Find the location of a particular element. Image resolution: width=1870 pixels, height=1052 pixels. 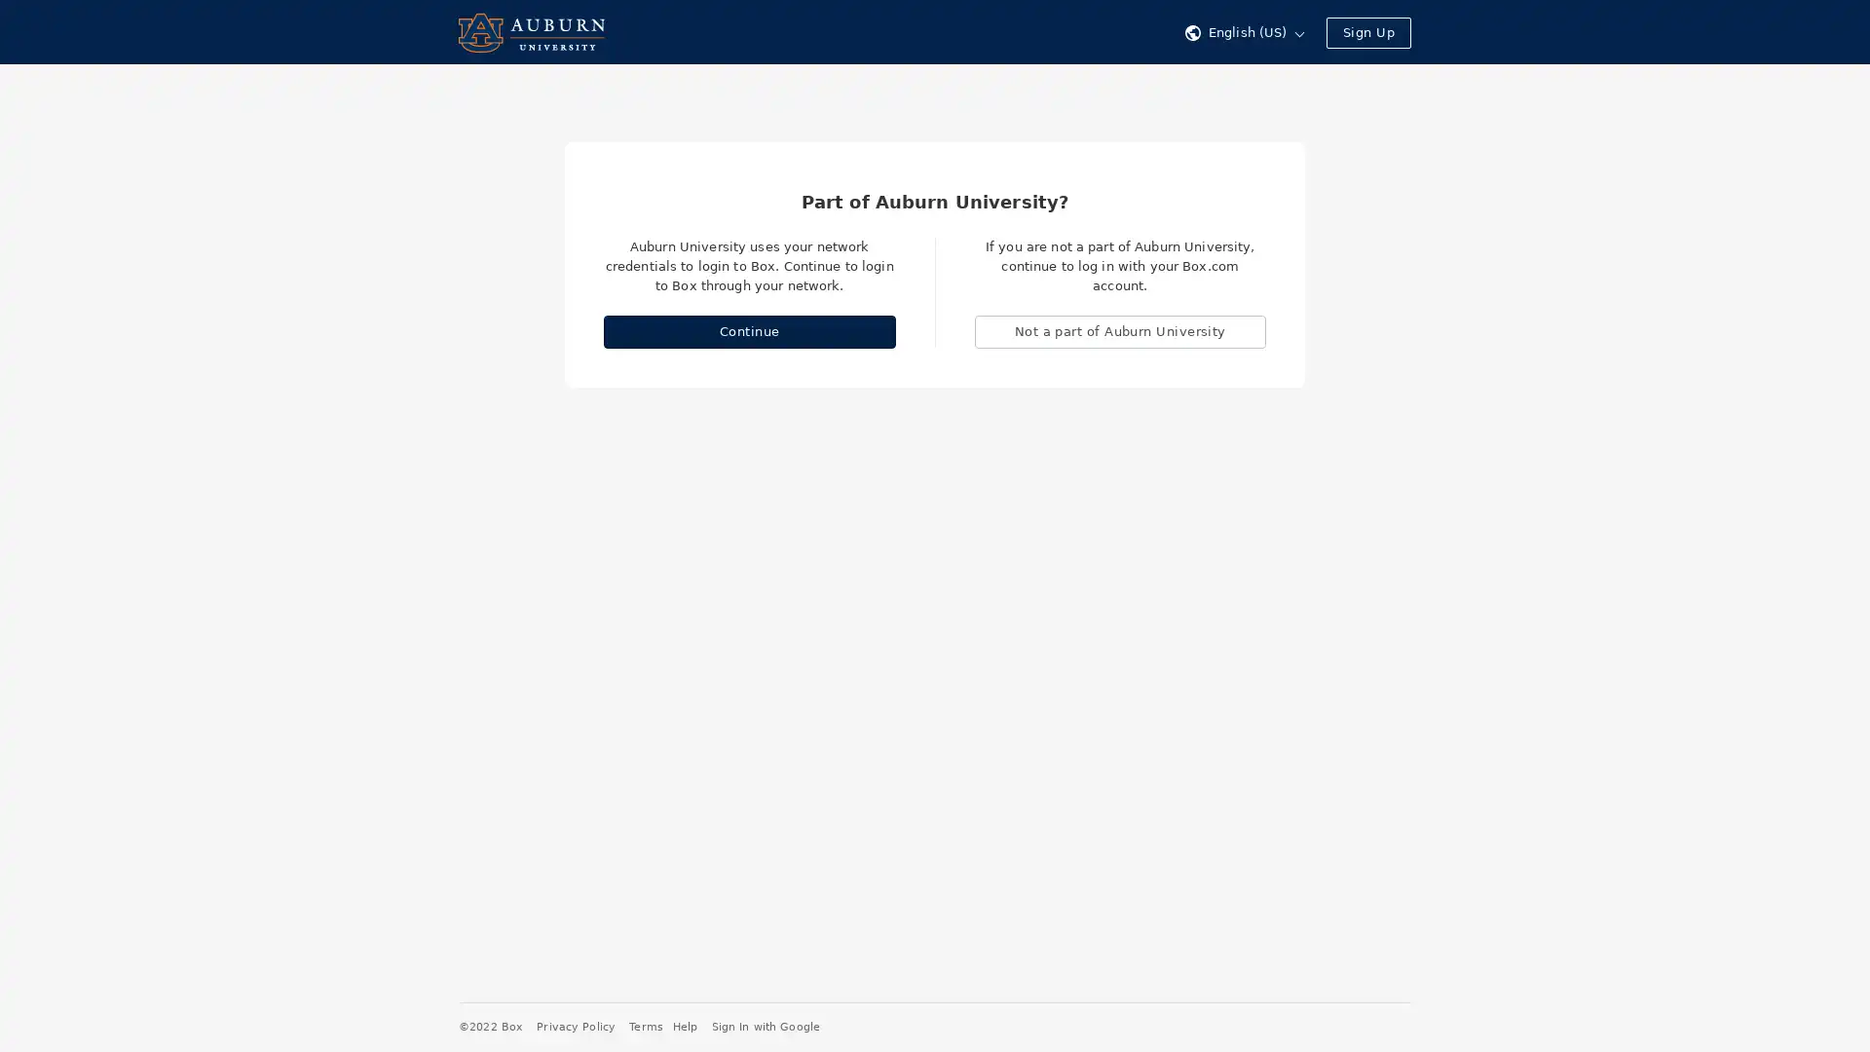

Continue is located at coordinates (748, 330).